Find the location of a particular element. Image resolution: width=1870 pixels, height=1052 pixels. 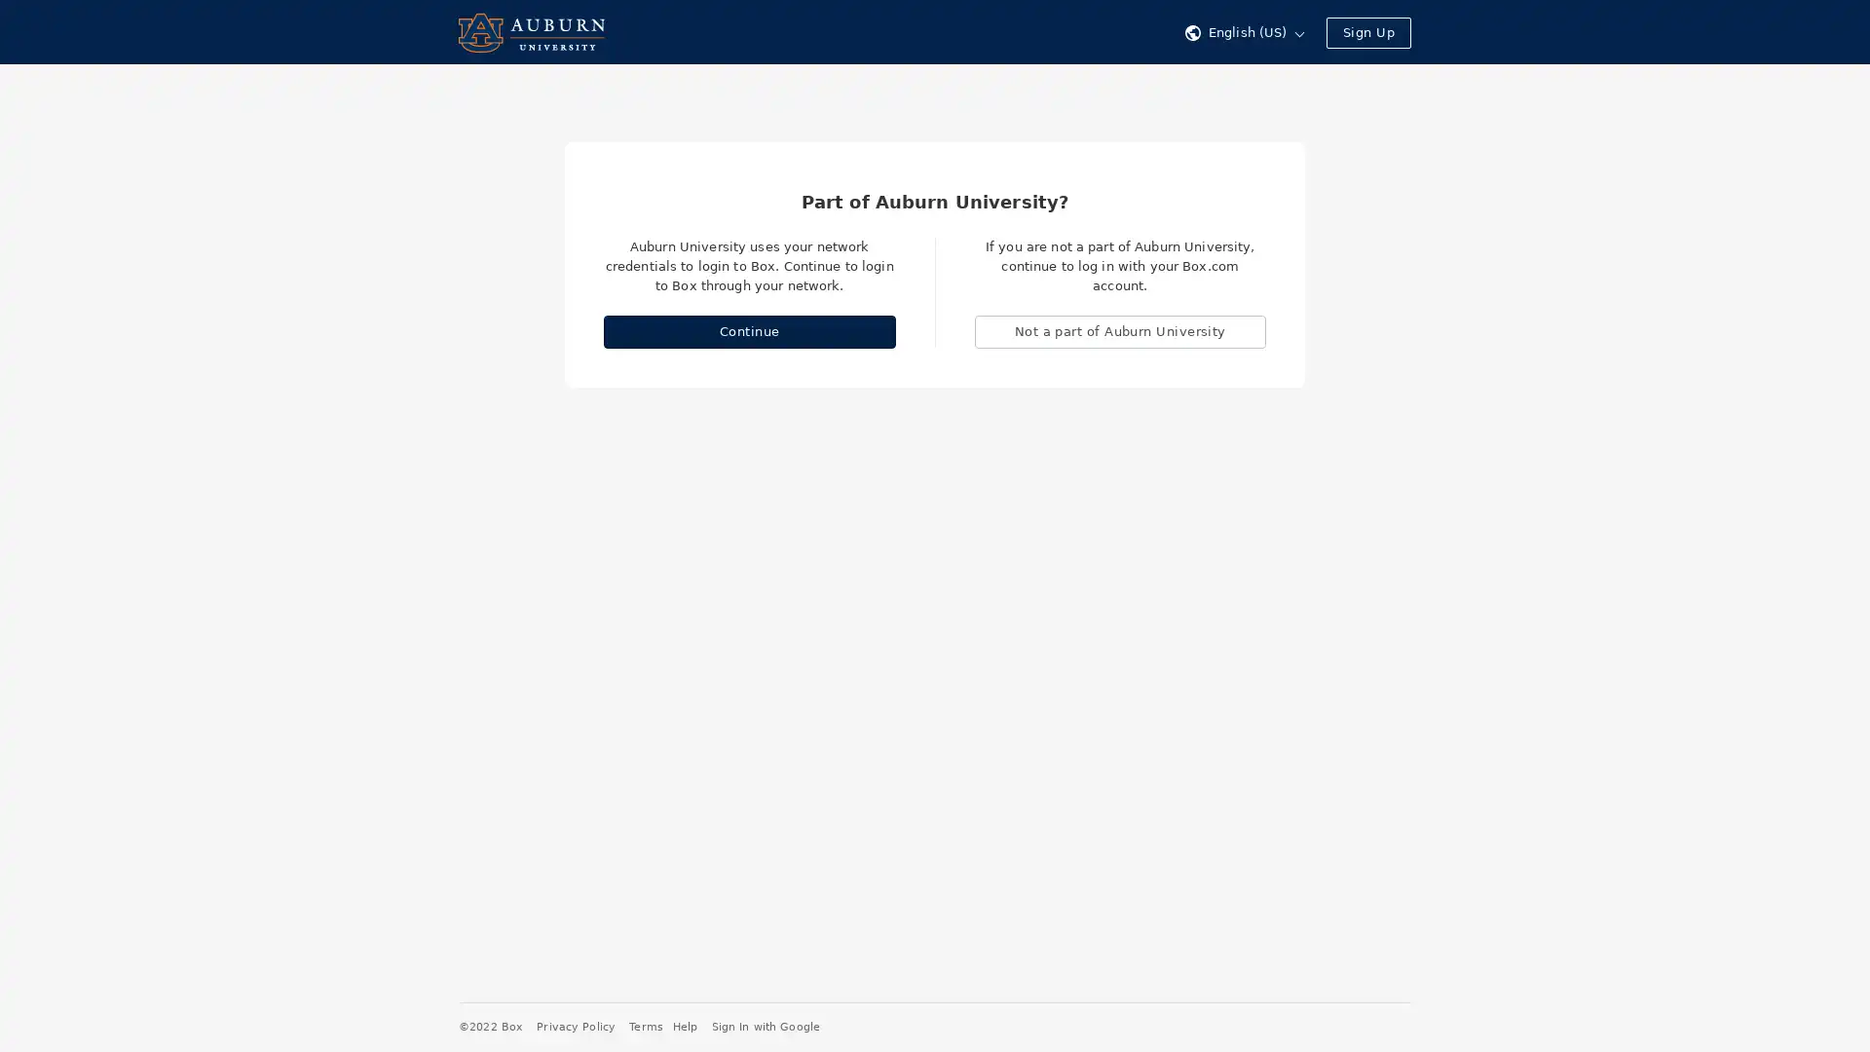

Continue is located at coordinates (748, 330).